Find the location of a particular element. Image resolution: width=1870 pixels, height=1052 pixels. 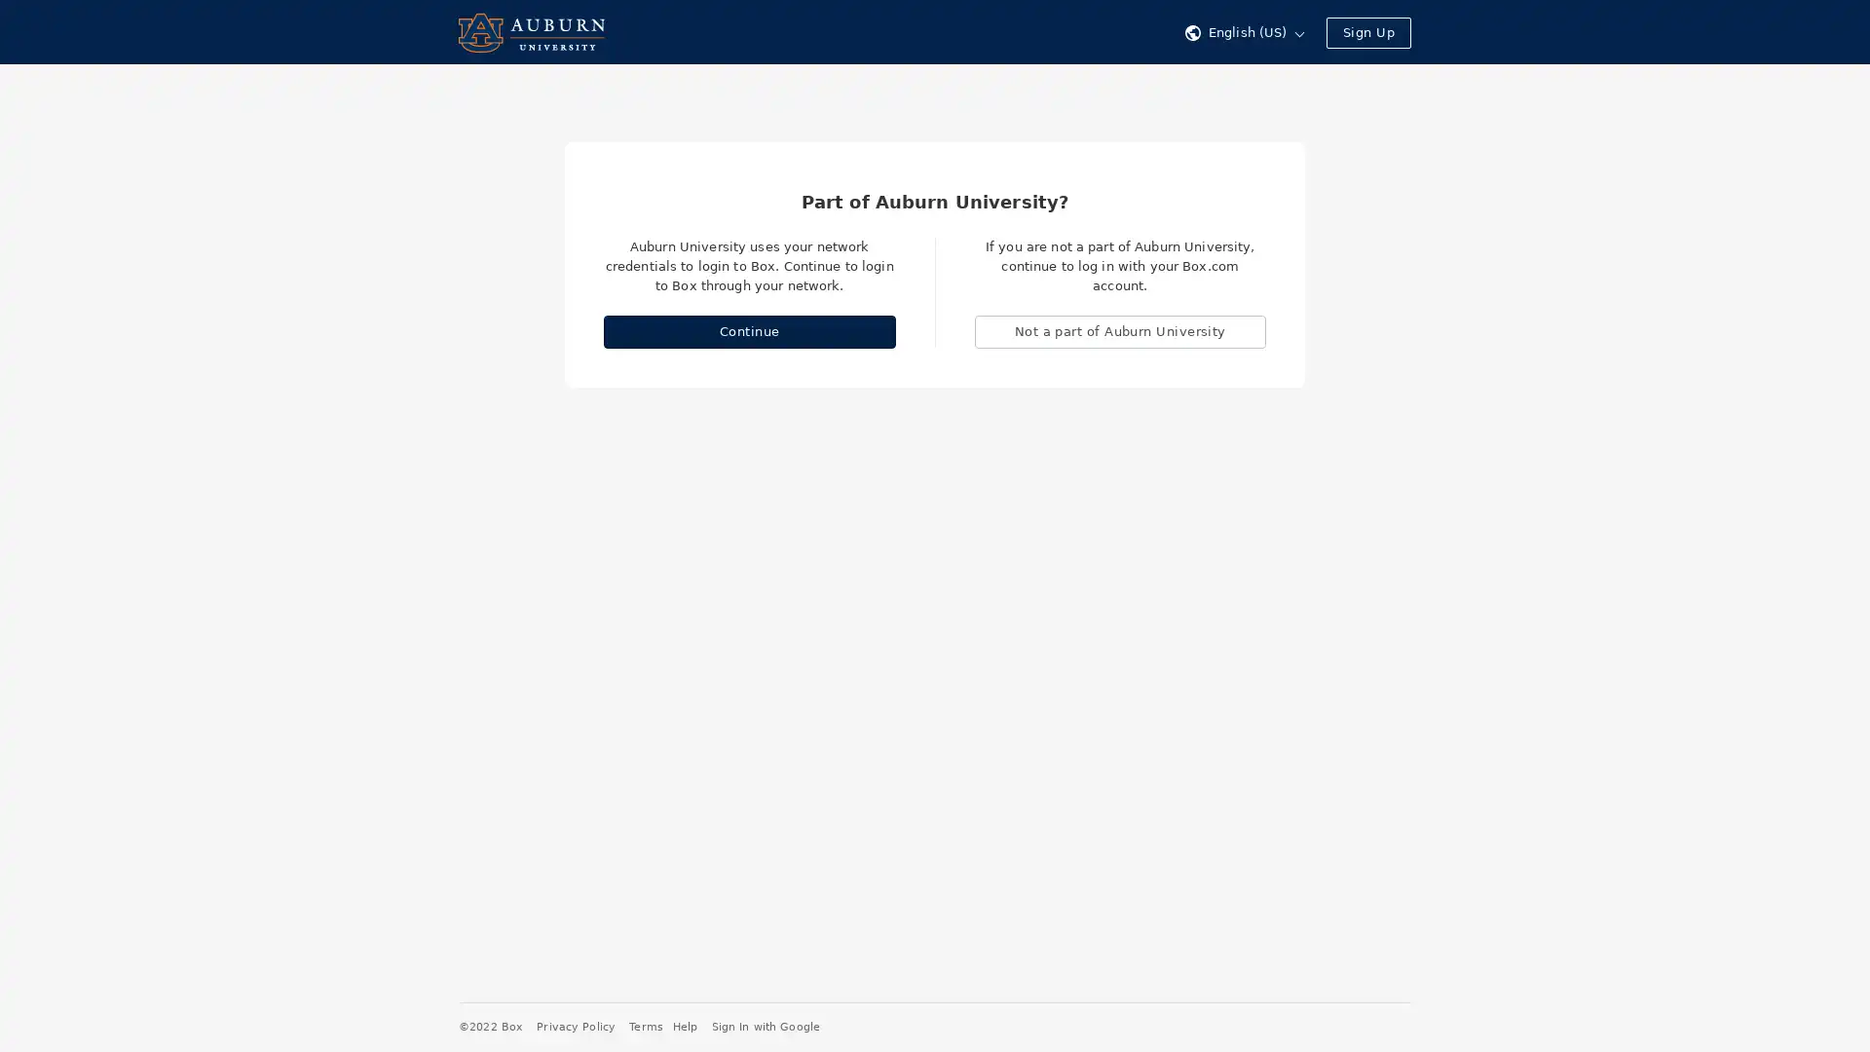

Continue is located at coordinates (748, 330).